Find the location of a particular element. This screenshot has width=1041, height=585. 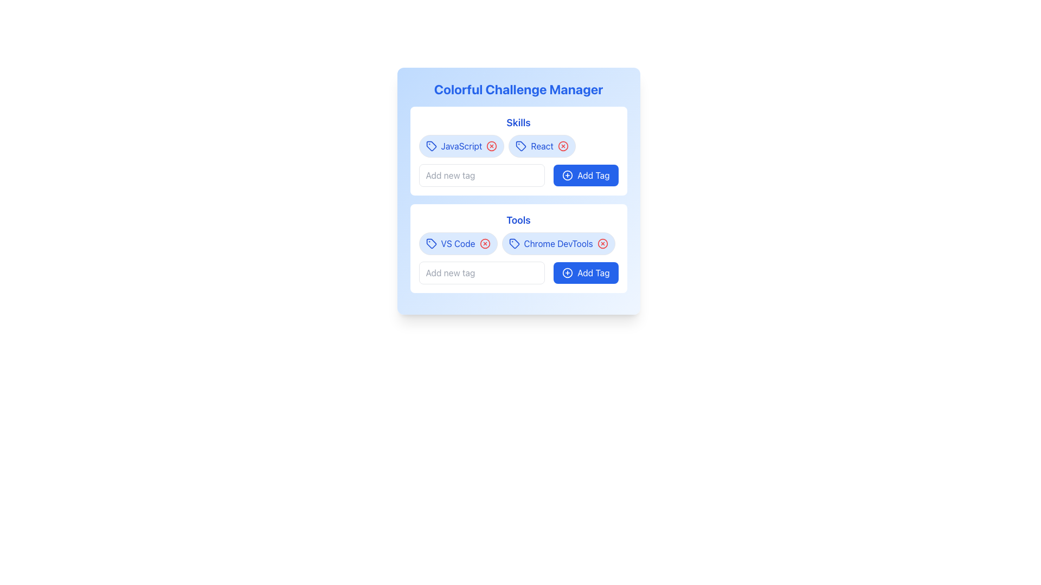

the circular red 'X' button with a red border located in the 'Chrome DevTools' tag within the 'Tools' section is located at coordinates (602, 244).